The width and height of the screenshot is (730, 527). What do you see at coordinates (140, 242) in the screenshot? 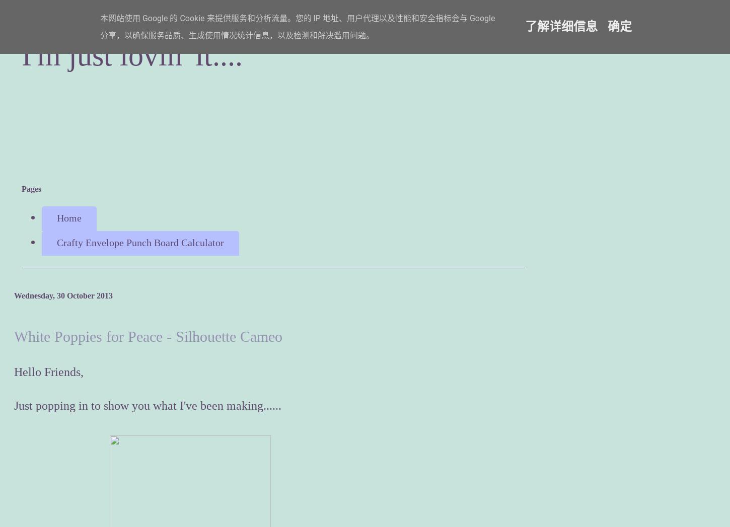
I see `'Crafty Envelope Punch Board Calculator'` at bounding box center [140, 242].